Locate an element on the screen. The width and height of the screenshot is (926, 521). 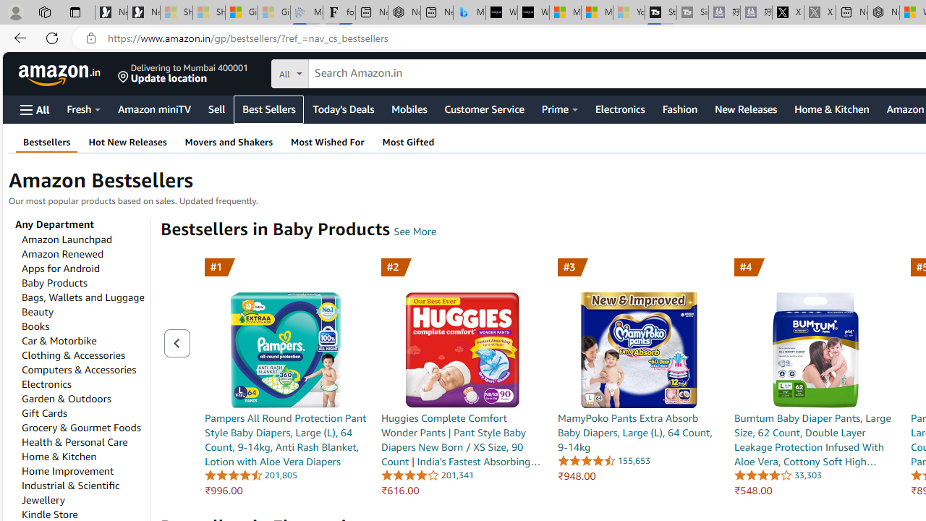
'Best Sellers' is located at coordinates (268, 109).